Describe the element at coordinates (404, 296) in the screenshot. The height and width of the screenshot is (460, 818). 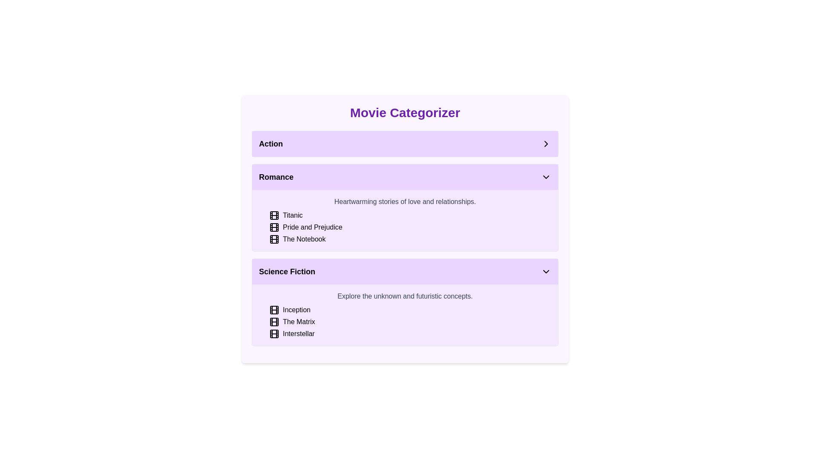
I see `text label that is styled in gray and reads 'Explore the unknown and futuristic concepts.' located in the 'Science Fiction' section near the top` at that location.